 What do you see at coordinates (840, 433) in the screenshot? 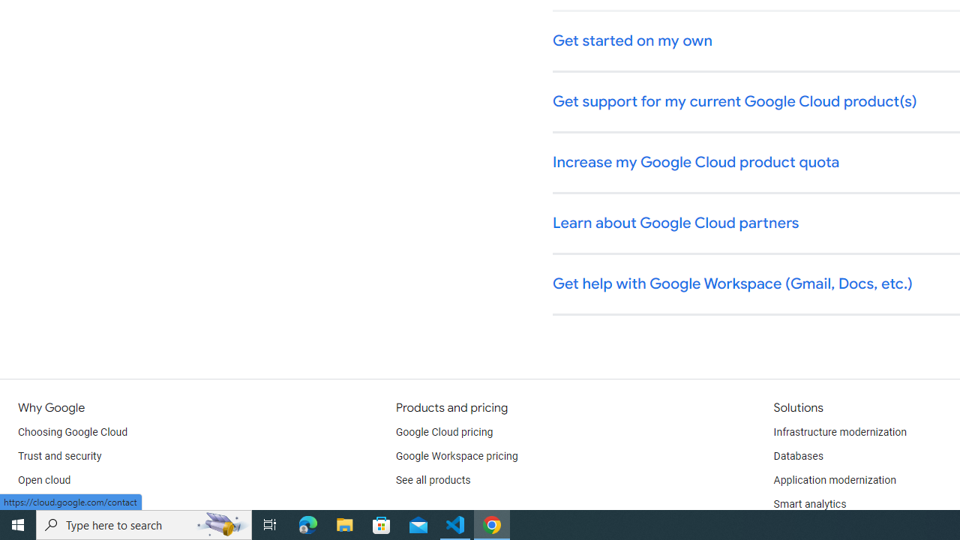
I see `'Infrastructure modernization'` at bounding box center [840, 433].